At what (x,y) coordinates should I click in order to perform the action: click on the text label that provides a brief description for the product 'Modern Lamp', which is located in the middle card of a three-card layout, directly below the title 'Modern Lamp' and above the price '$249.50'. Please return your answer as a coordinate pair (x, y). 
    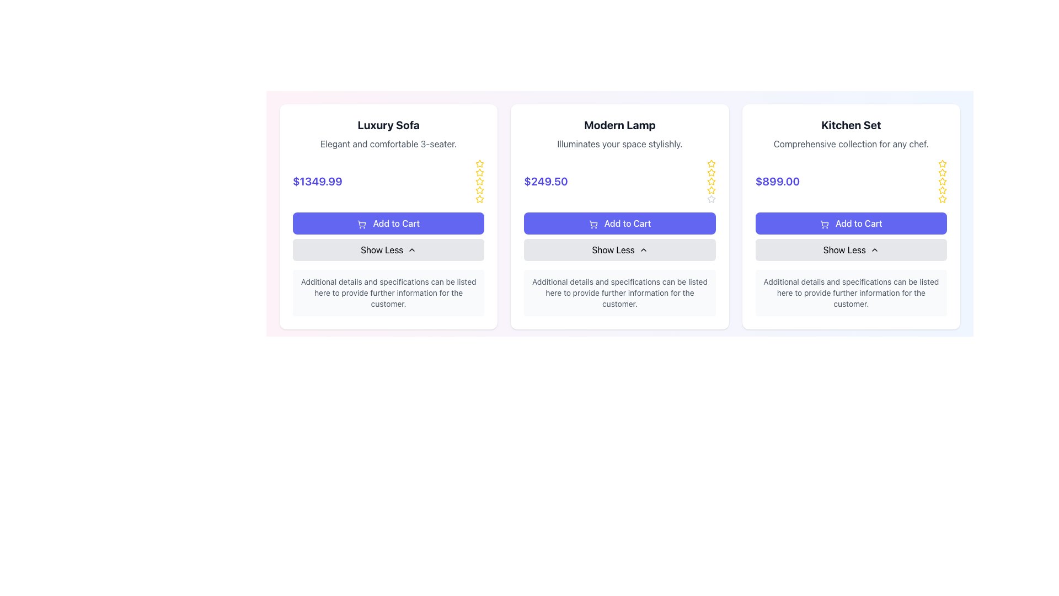
    Looking at the image, I should click on (619, 143).